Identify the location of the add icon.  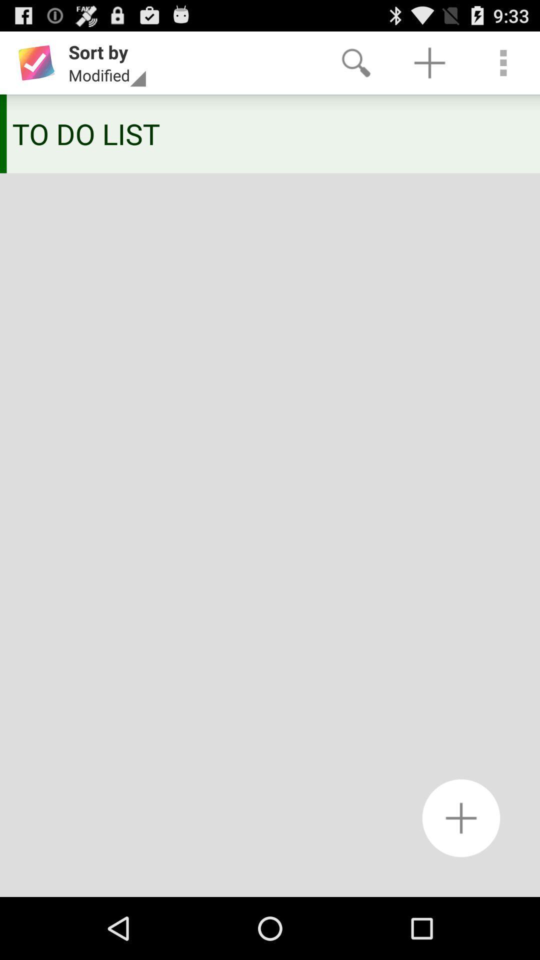
(461, 875).